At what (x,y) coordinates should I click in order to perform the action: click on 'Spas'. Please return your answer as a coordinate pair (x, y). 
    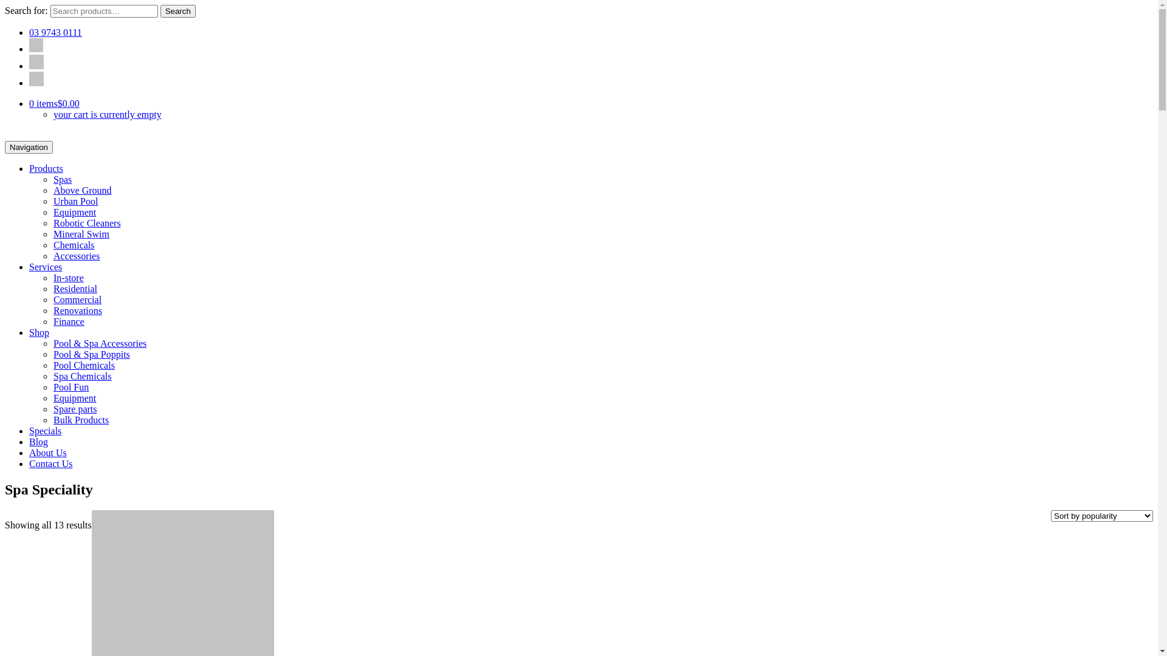
    Looking at the image, I should click on (61, 179).